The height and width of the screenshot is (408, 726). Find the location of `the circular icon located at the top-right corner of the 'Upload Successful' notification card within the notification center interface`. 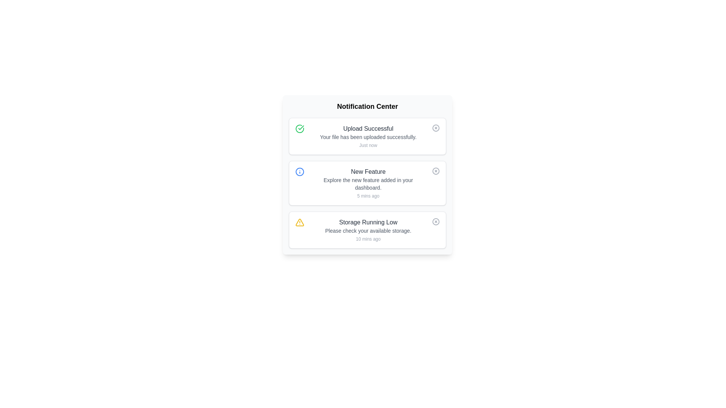

the circular icon located at the top-right corner of the 'Upload Successful' notification card within the notification center interface is located at coordinates (436, 128).